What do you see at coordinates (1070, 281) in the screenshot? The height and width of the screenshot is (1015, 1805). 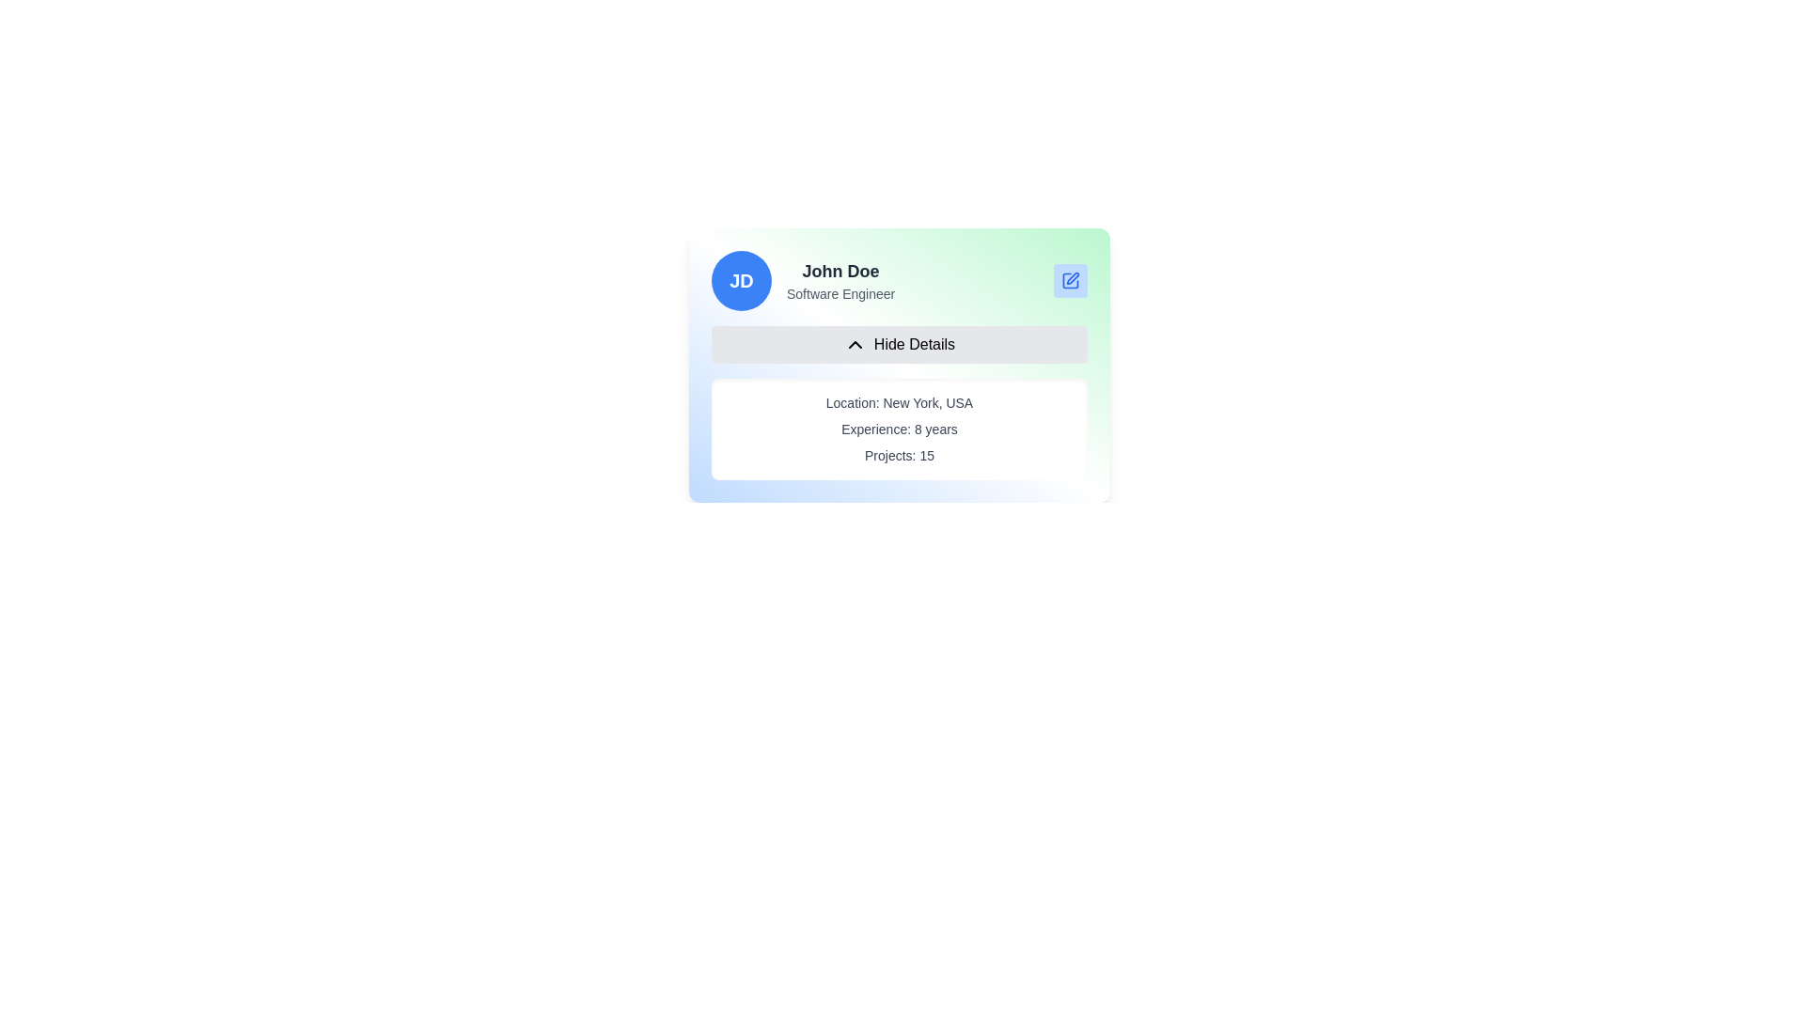 I see `the edit button with a pen icon located at the far right side of the user information card` at bounding box center [1070, 281].